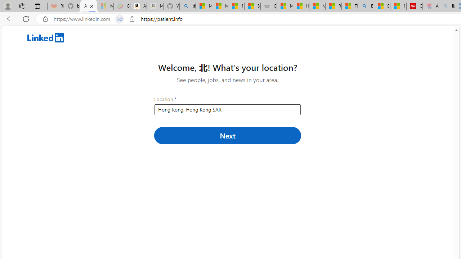 This screenshot has width=461, height=259. Describe the element at coordinates (431, 6) in the screenshot. I see `'Arthritis: Ask Health Professionals - Sleeping'` at that location.